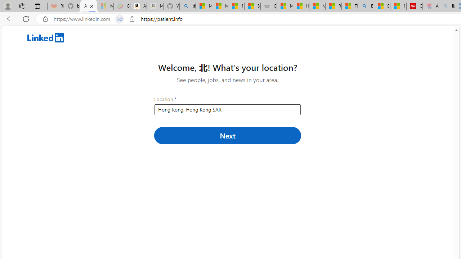 This screenshot has width=461, height=259. Describe the element at coordinates (431, 6) in the screenshot. I see `'Arthritis: Ask Health Professionals - Sleeping'` at that location.